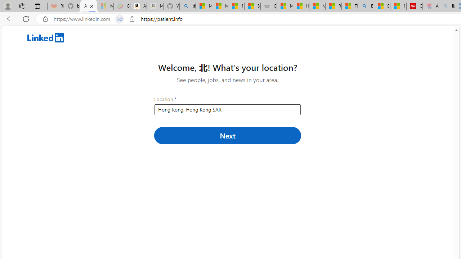 This screenshot has width=461, height=259. Describe the element at coordinates (431, 6) in the screenshot. I see `'Arthritis: Ask Health Professionals - Sleeping'` at that location.